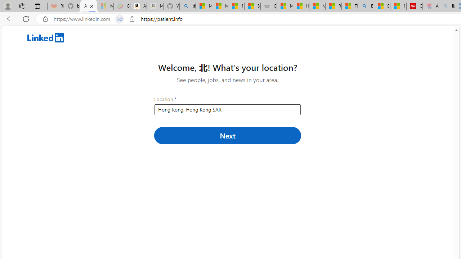 This screenshot has width=461, height=259. Describe the element at coordinates (431, 6) in the screenshot. I see `'Arthritis: Ask Health Professionals - Sleeping'` at that location.